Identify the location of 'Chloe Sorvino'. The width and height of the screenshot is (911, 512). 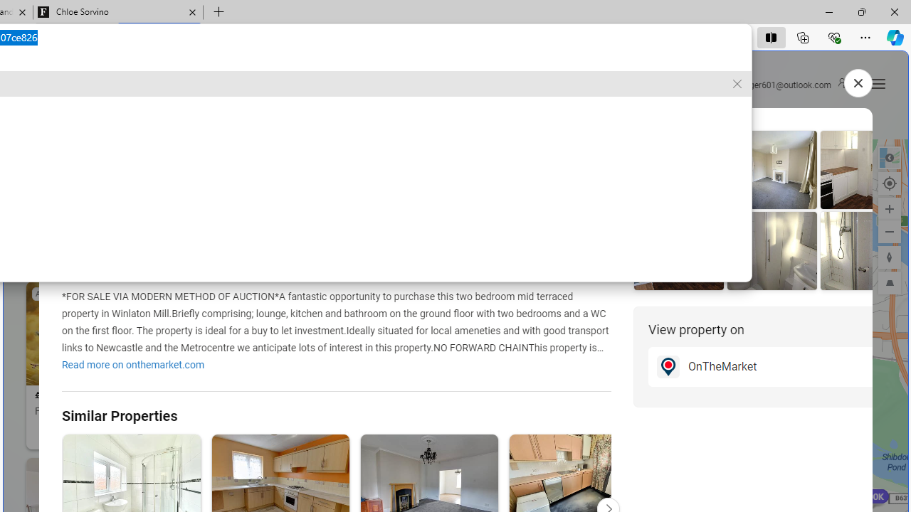
(118, 12).